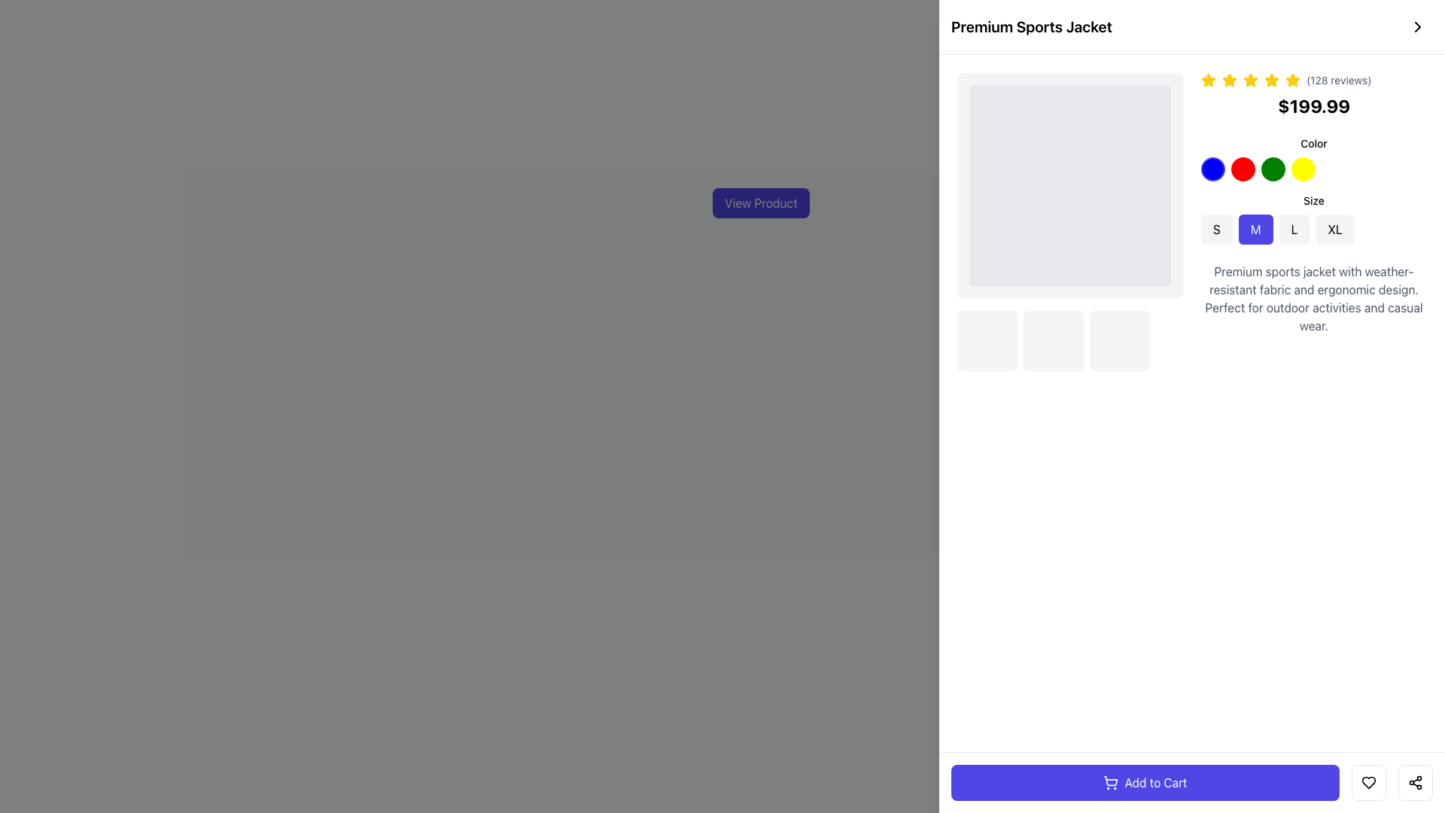  What do you see at coordinates (1292, 81) in the screenshot?
I see `the fifth yellow star icon in the rating system, which is located above the price '$199.99' and adjacent to '(128 reviews)'` at bounding box center [1292, 81].